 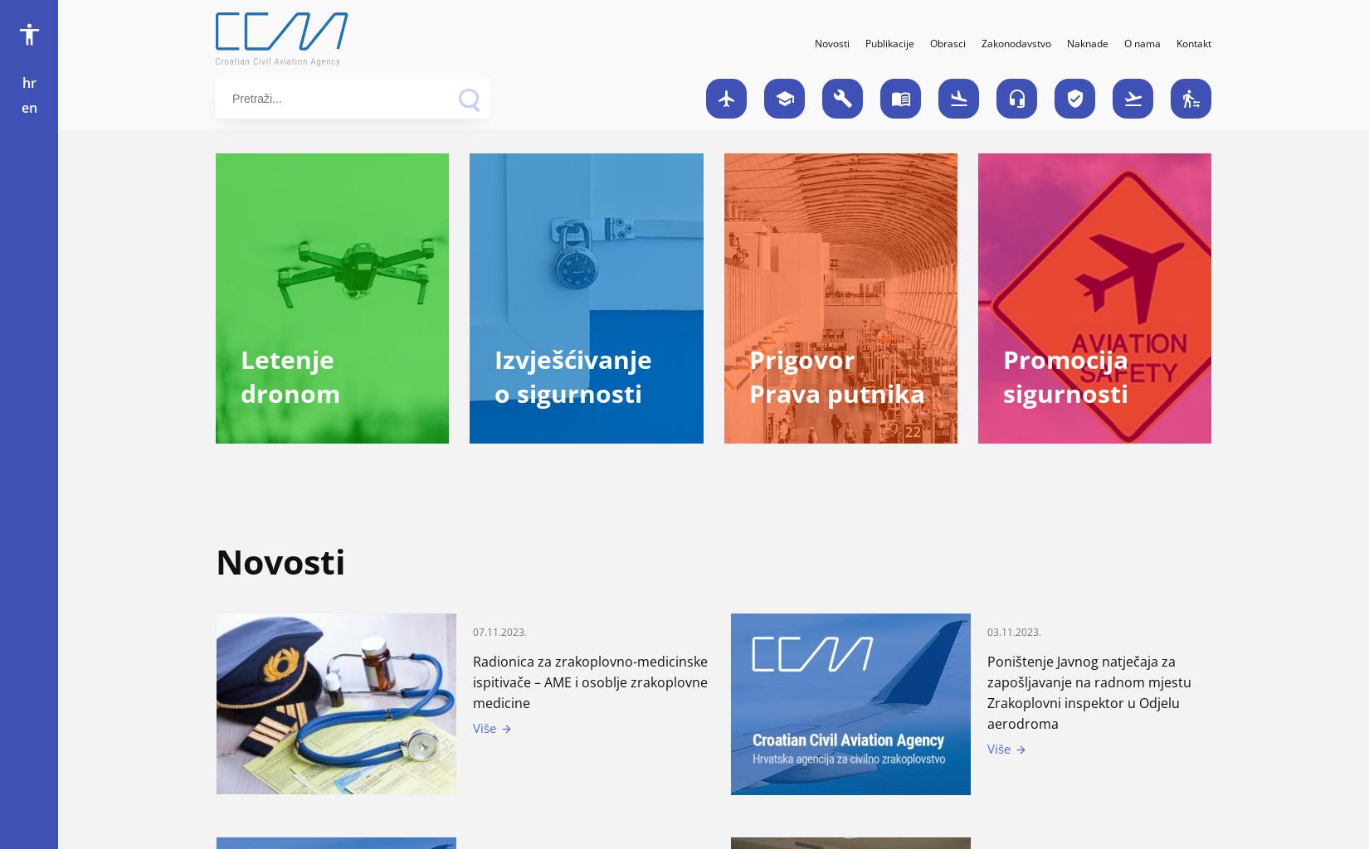 I want to click on 'Radionica za zrakoplovno-medicinske ispitivače – AME i osoblje zrakoplovne medicine', so click(x=472, y=681).